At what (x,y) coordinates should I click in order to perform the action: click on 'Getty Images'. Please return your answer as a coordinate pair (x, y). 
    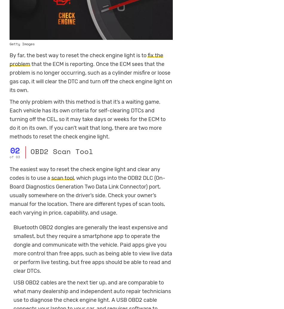
    Looking at the image, I should click on (10, 43).